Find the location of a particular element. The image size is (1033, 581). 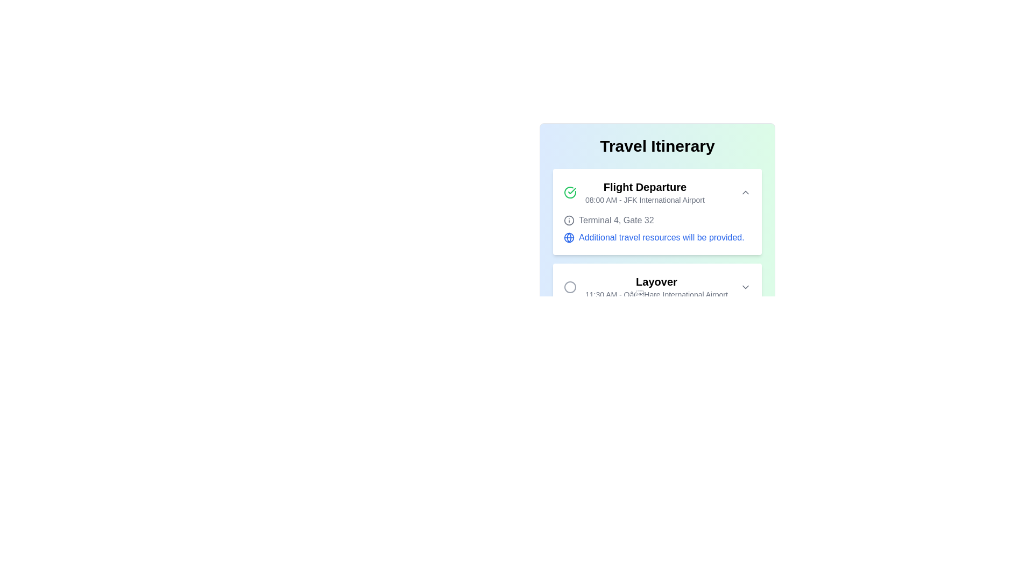

the circular graphical element with a blue outline and white background that is part of a globe icon within the SVG is located at coordinates (568, 237).